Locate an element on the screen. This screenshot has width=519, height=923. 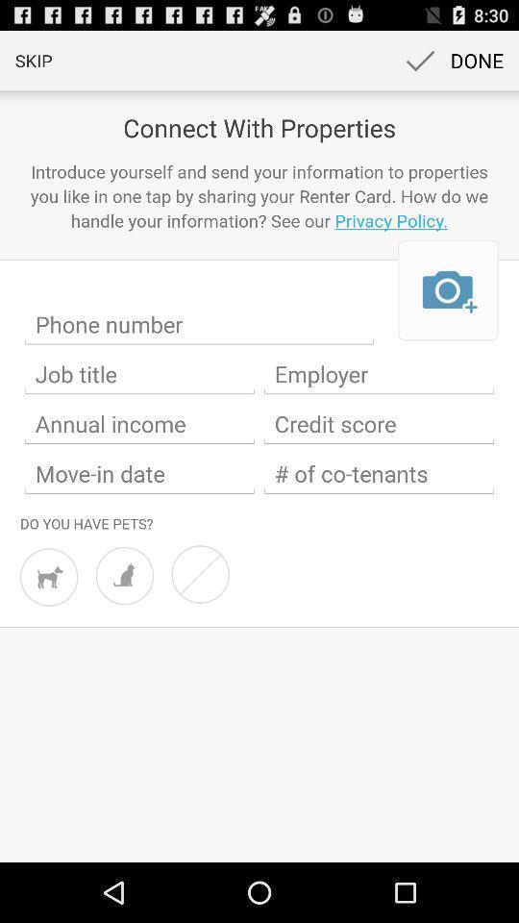
of co-tenants textbox is located at coordinates (379, 473).